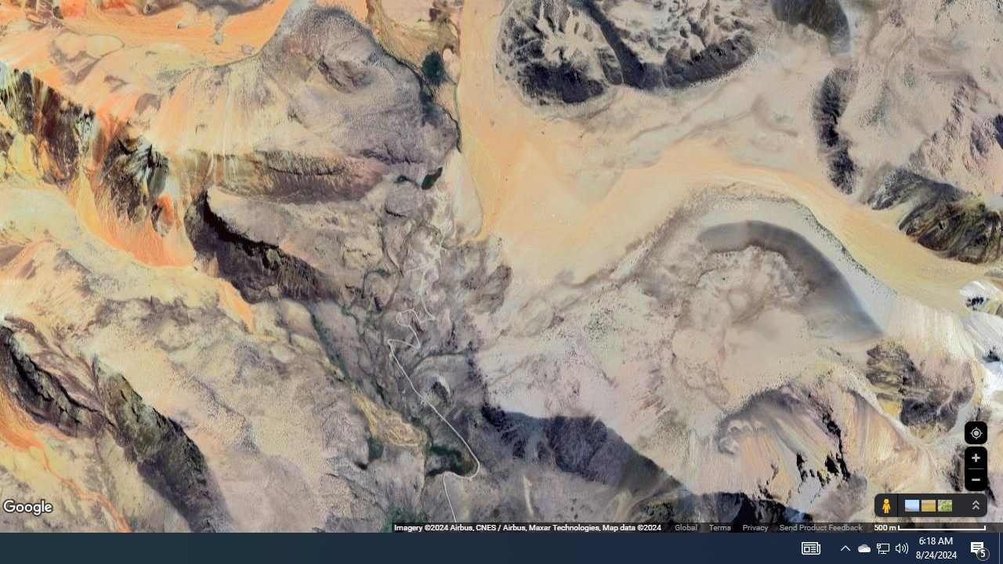 The height and width of the screenshot is (564, 1003). What do you see at coordinates (942, 505) in the screenshot?
I see `'Show imagery'` at bounding box center [942, 505].